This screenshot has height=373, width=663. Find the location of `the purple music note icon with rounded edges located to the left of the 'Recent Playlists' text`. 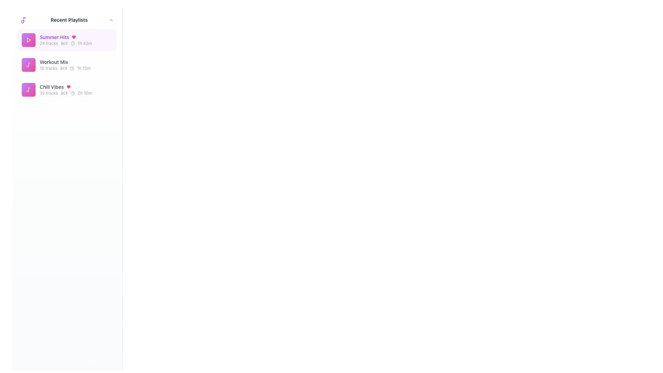

the purple music note icon with rounded edges located to the left of the 'Recent Playlists' text is located at coordinates (23, 19).